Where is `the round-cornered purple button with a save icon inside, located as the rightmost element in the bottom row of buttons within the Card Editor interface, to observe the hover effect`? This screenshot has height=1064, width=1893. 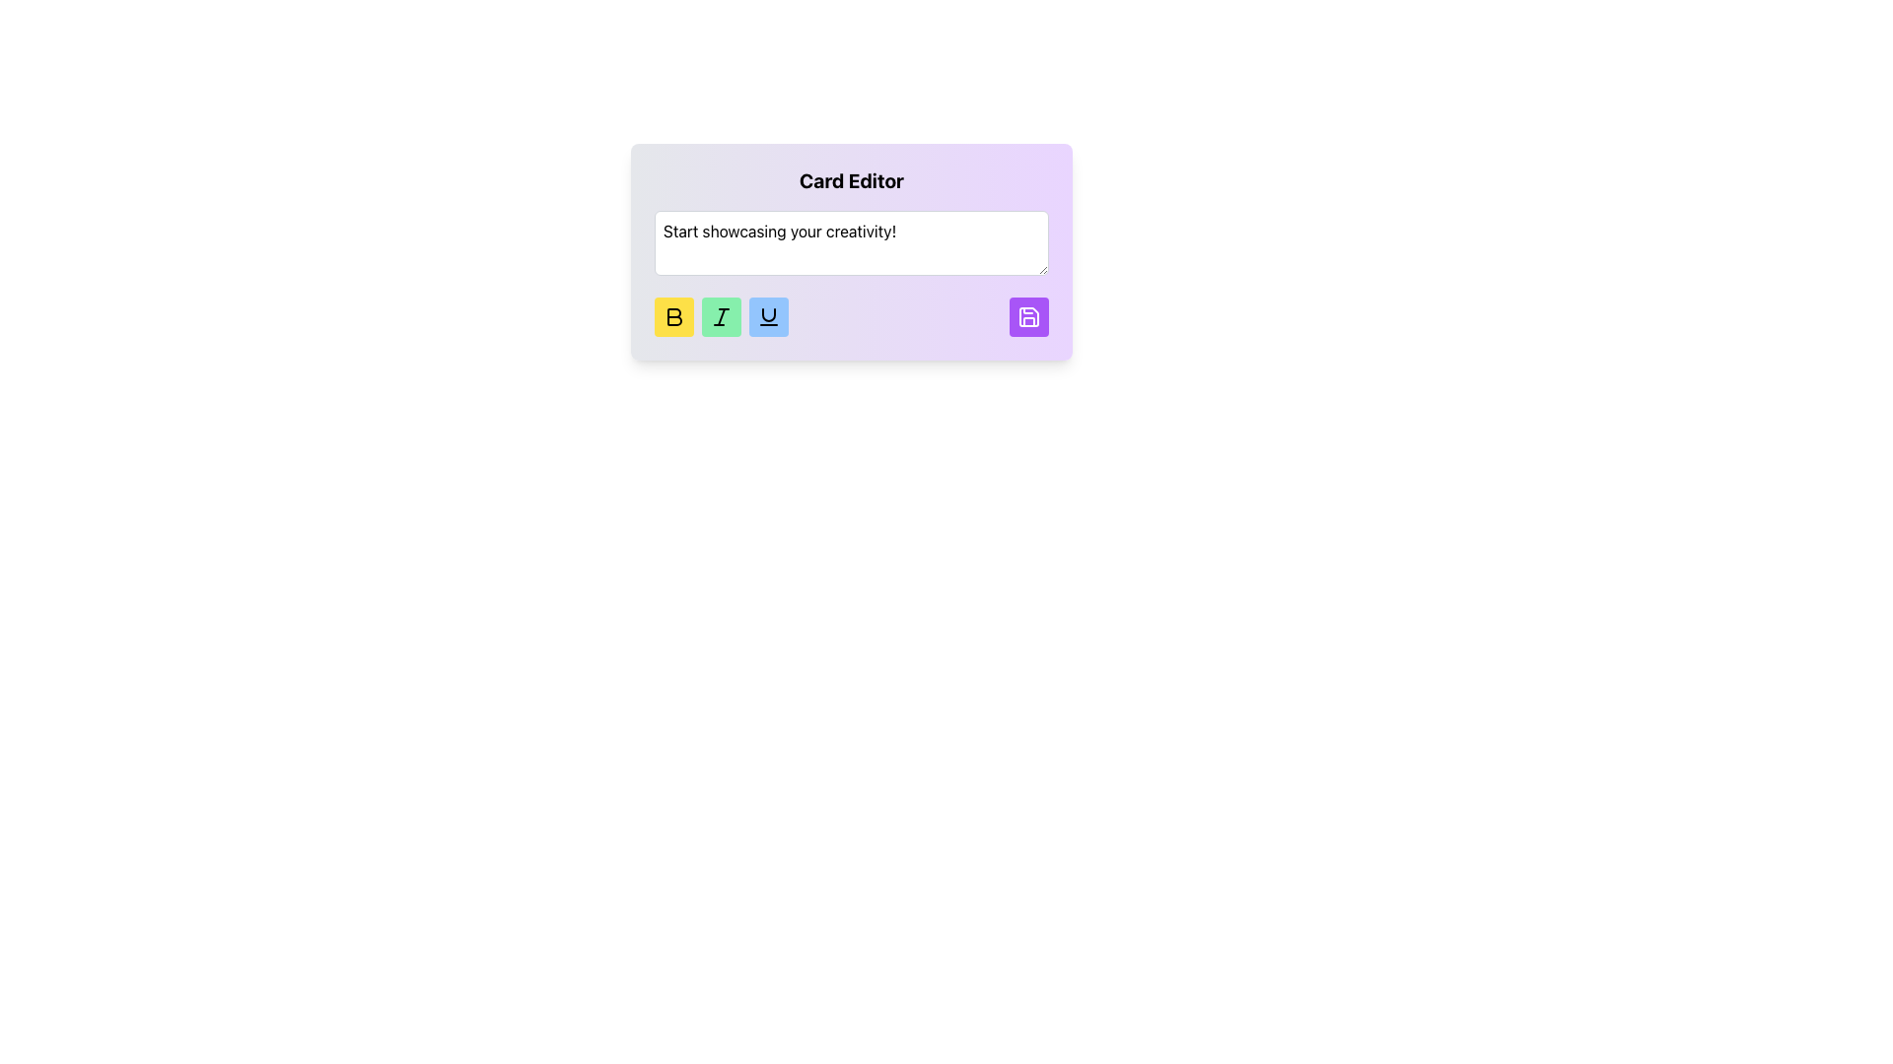 the round-cornered purple button with a save icon inside, located as the rightmost element in the bottom row of buttons within the Card Editor interface, to observe the hover effect is located at coordinates (1027, 315).